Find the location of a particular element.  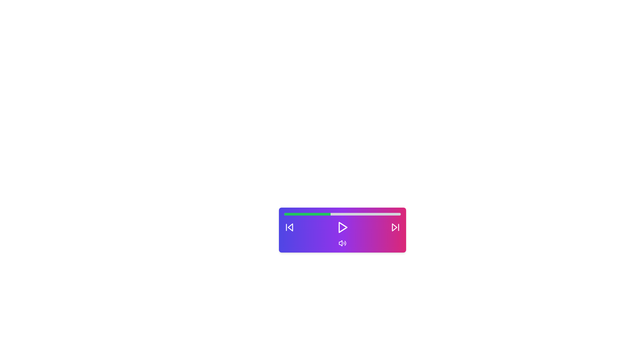

the volume to 10 percent is located at coordinates (295, 214).